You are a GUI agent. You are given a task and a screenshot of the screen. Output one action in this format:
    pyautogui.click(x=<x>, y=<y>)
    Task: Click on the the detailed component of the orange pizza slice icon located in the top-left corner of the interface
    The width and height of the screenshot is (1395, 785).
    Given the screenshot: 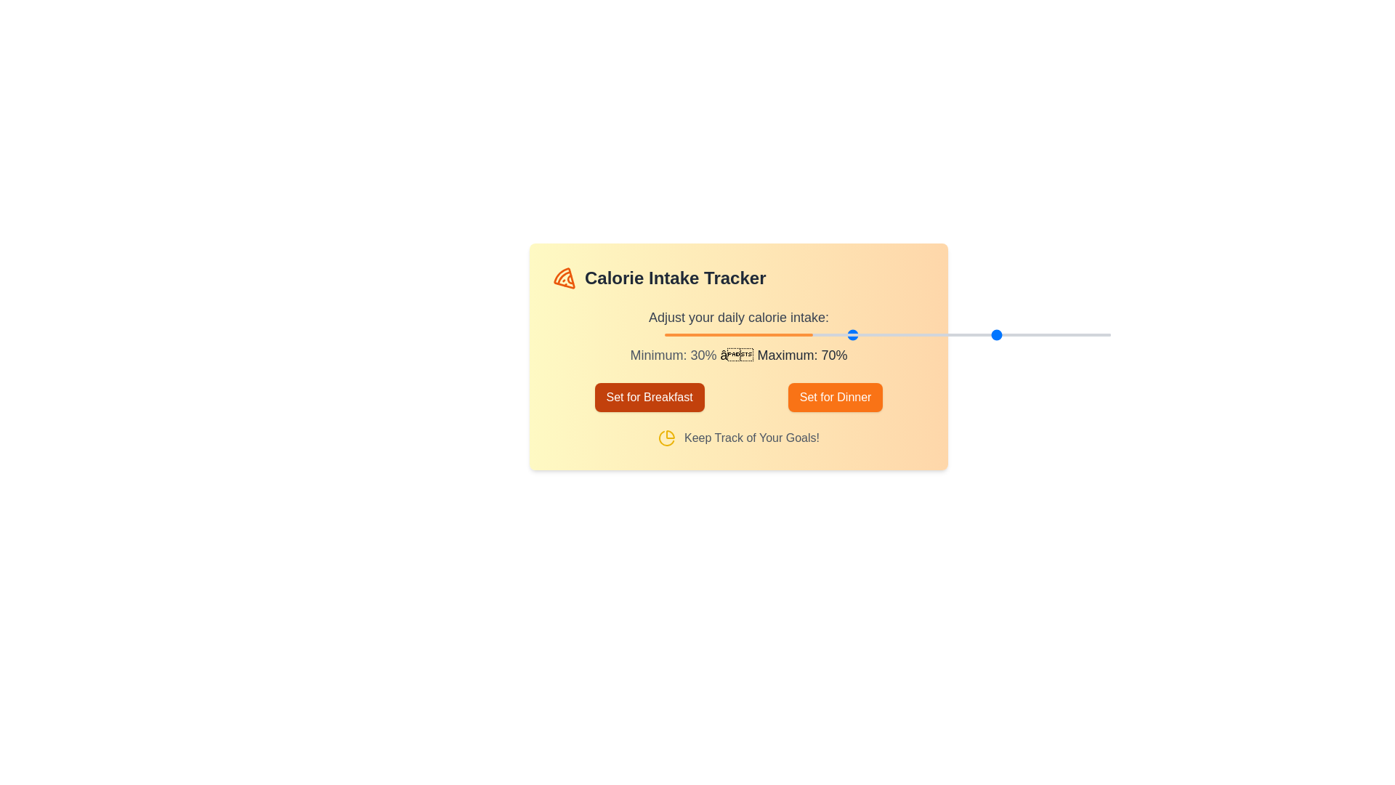 What is the action you would take?
    pyautogui.click(x=564, y=278)
    